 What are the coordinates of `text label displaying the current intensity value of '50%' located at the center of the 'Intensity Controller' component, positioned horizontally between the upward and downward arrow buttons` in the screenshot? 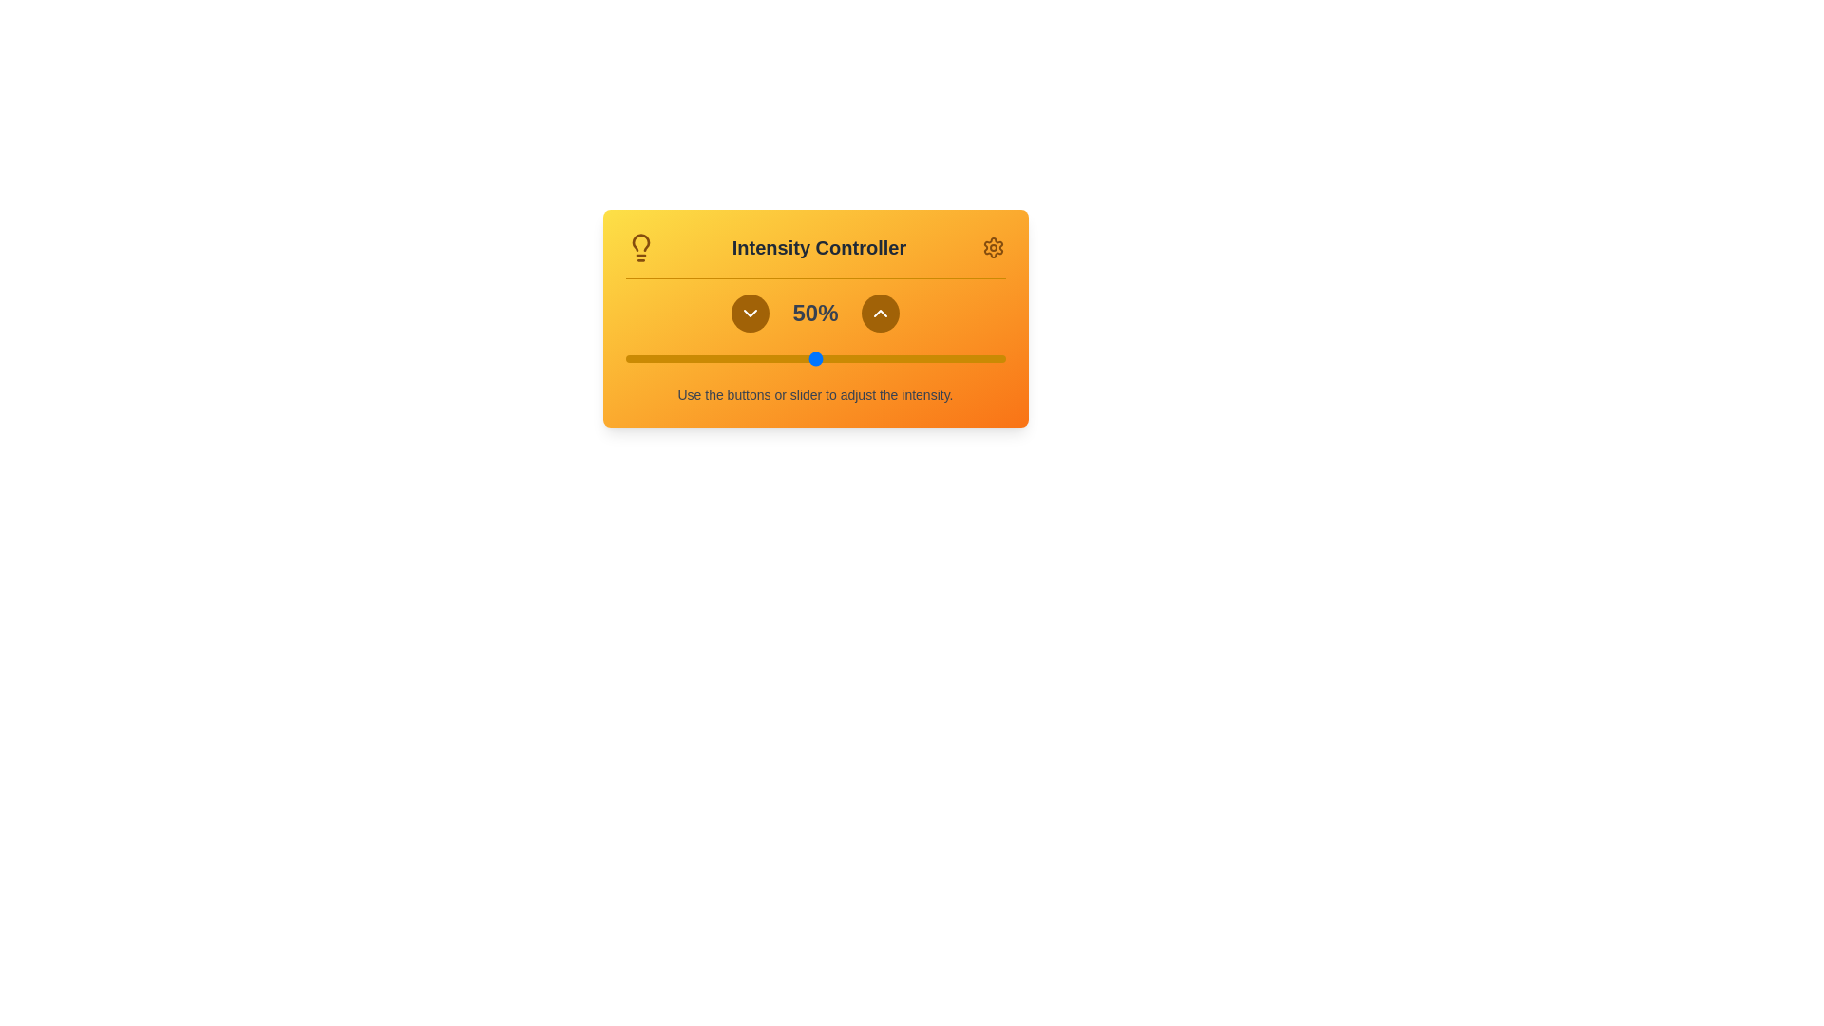 It's located at (815, 328).